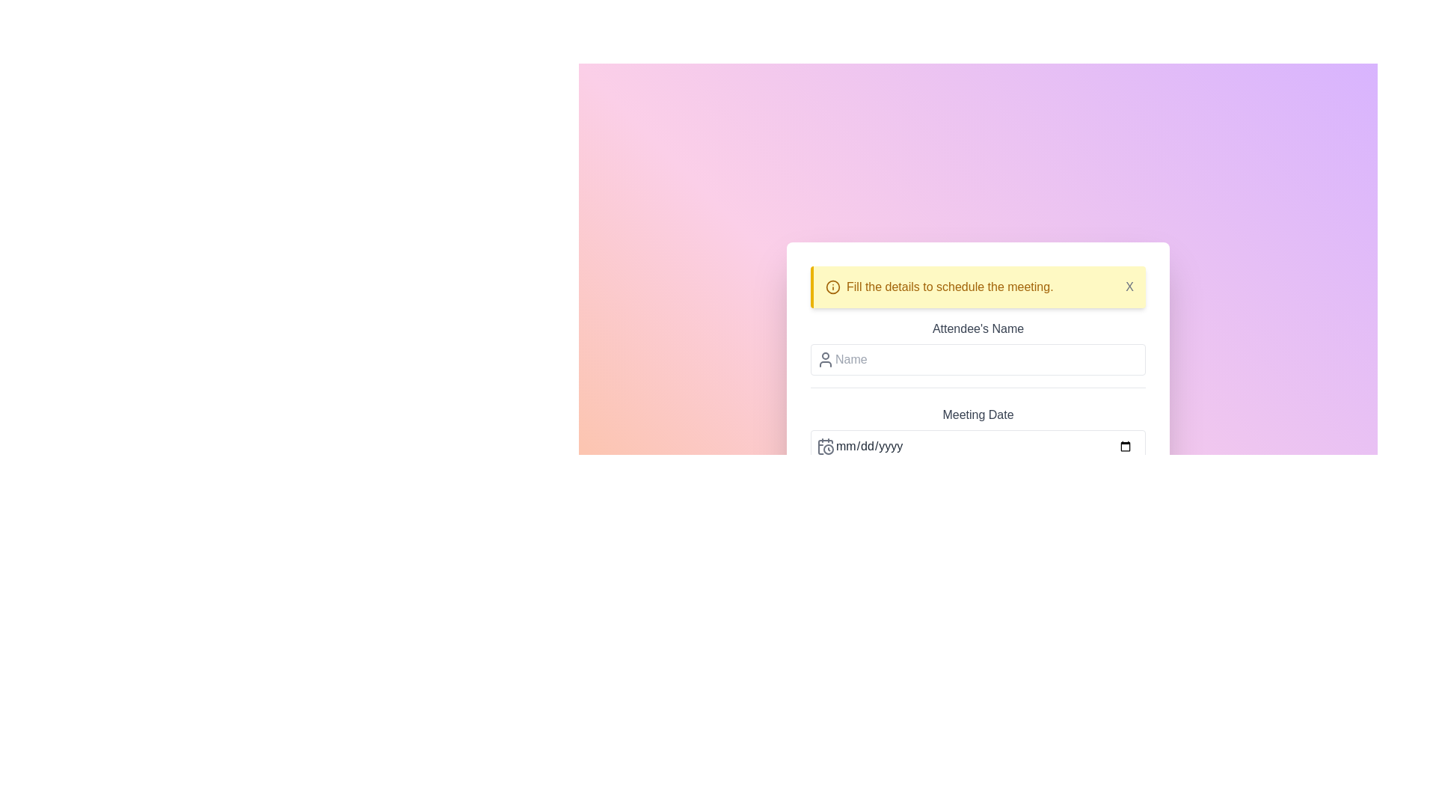  What do you see at coordinates (832, 287) in the screenshot?
I see `the informational icon located in the top-left corner of the notification box with a yellow background, positioned to the left of the text 'Fill the details to schedule the meeting.'` at bounding box center [832, 287].